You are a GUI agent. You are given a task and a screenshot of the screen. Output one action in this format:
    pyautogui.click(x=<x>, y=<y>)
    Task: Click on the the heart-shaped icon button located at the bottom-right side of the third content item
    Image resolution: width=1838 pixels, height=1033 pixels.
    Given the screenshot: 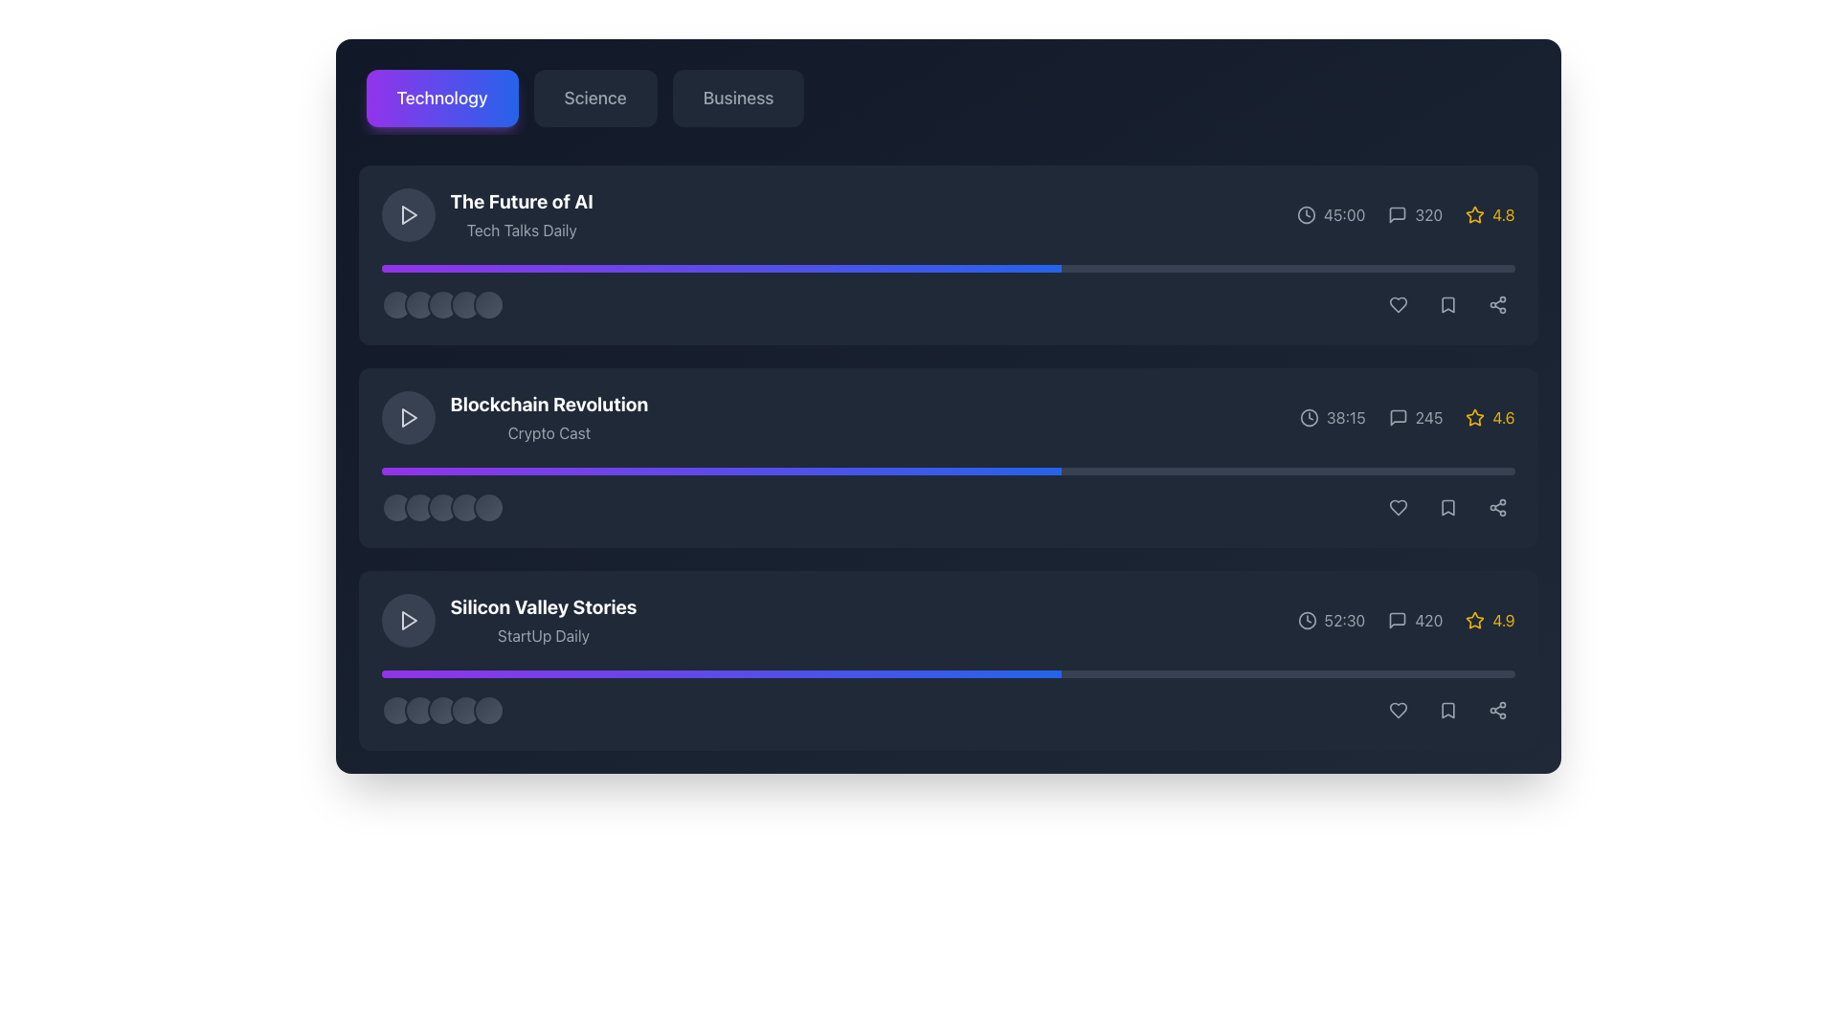 What is the action you would take?
    pyautogui.click(x=1398, y=711)
    